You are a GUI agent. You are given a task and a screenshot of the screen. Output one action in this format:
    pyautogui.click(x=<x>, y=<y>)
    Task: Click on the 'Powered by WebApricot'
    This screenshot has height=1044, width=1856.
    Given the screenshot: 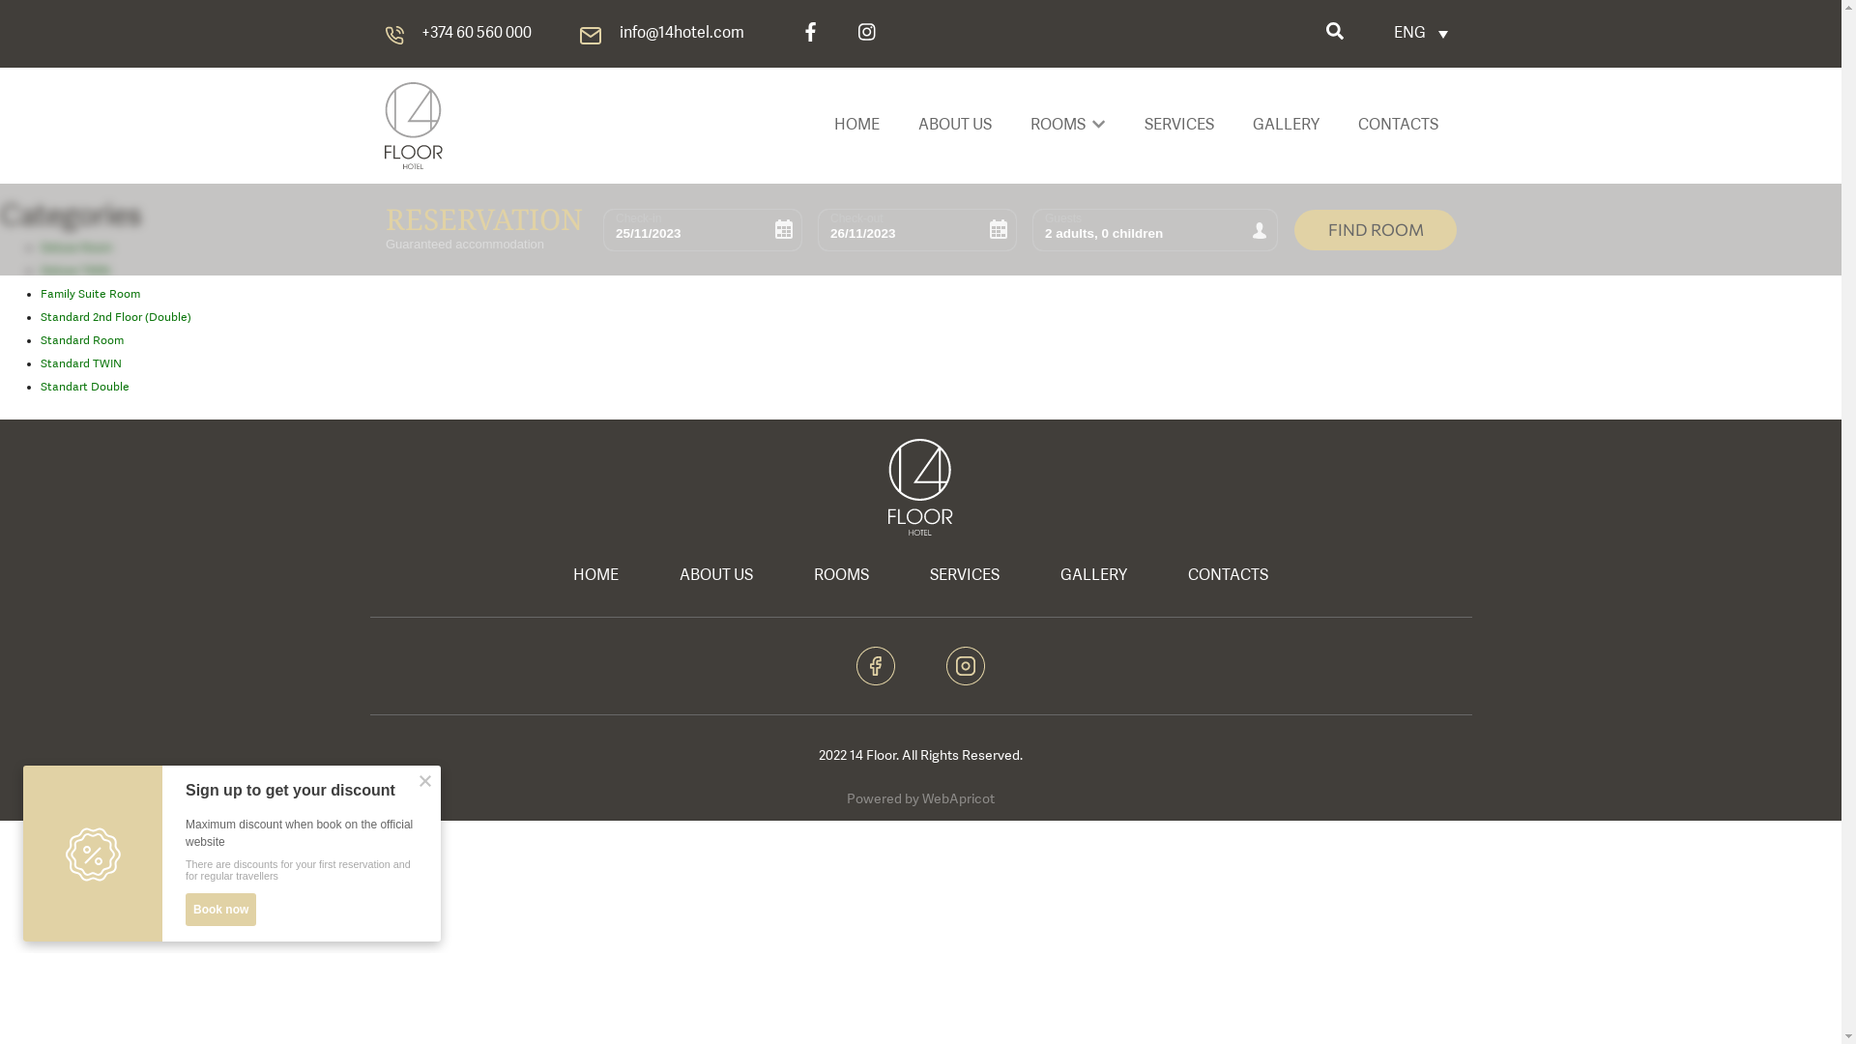 What is the action you would take?
    pyautogui.click(x=846, y=798)
    